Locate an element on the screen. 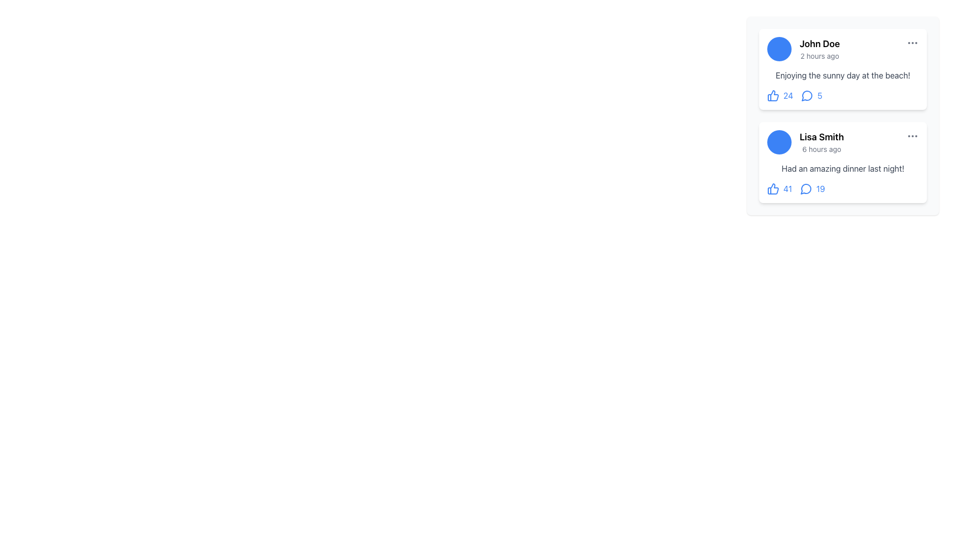 Image resolution: width=973 pixels, height=547 pixels. the Text display element that shows the name 'Lisa Smith' and the time '6 hours ago', located in the bottom post of a two-post layout section is located at coordinates (821, 142).